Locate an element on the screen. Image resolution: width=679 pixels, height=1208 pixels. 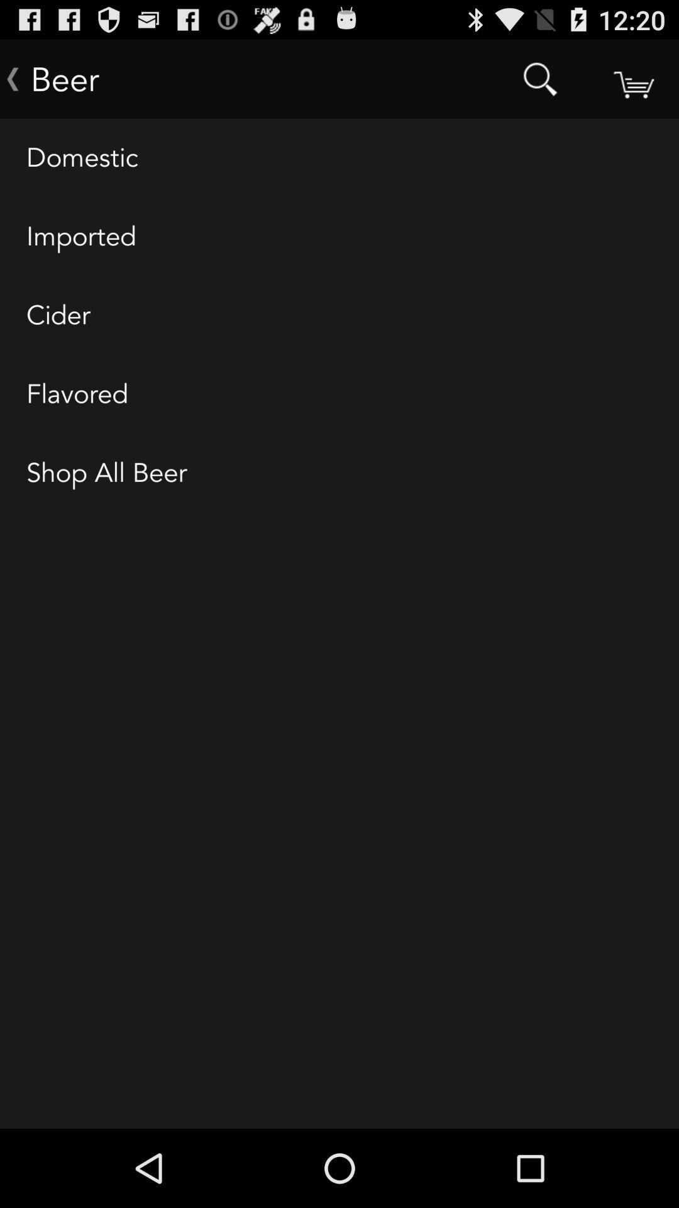
flavored item is located at coordinates (339, 394).